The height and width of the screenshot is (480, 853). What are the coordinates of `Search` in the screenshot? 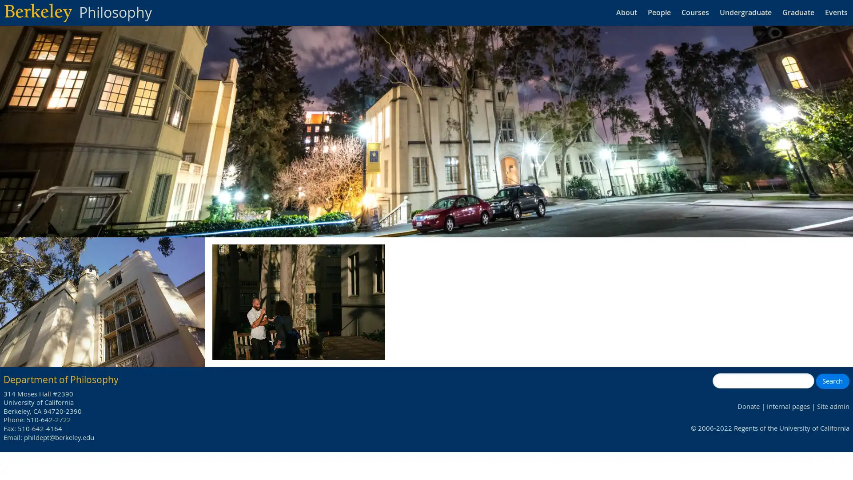 It's located at (832, 380).